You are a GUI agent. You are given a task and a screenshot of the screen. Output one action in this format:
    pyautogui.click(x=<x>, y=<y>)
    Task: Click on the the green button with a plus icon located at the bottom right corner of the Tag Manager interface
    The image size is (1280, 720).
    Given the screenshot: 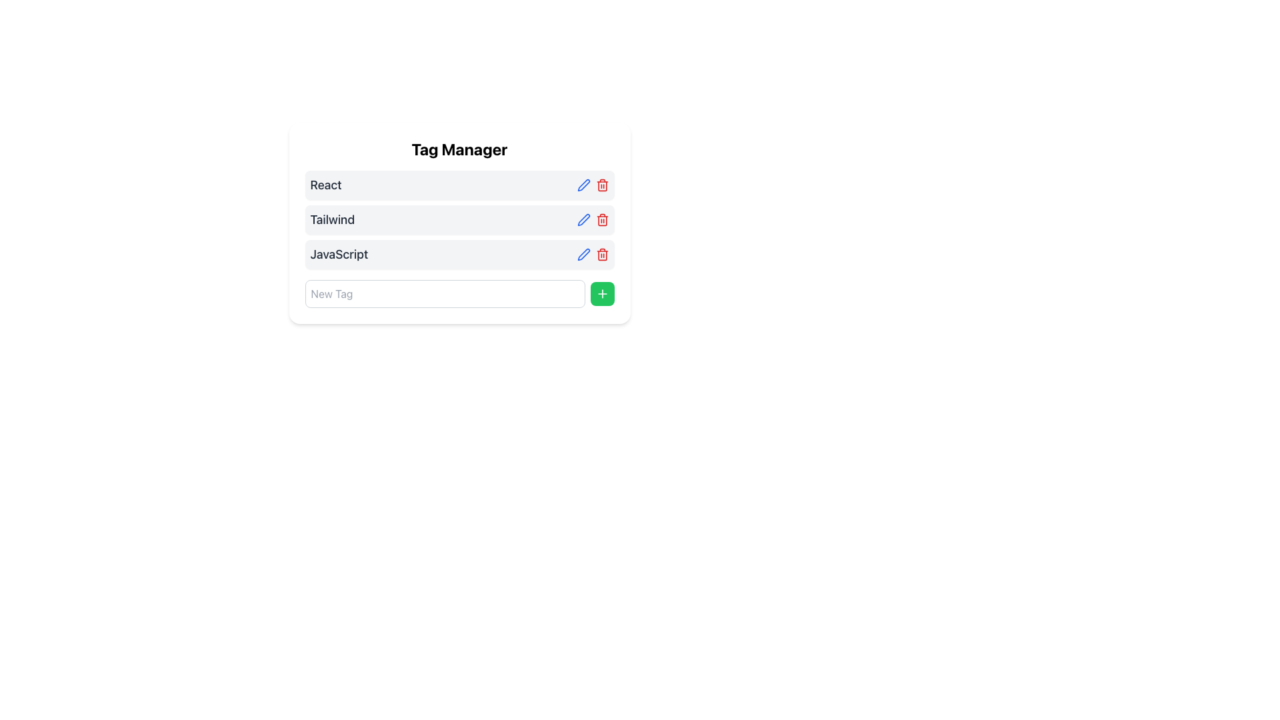 What is the action you would take?
    pyautogui.click(x=601, y=293)
    